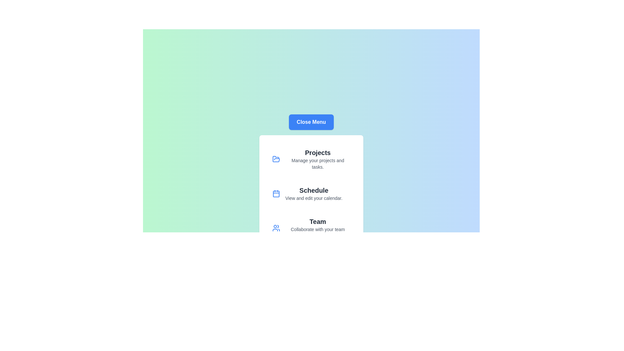 The height and width of the screenshot is (351, 624). What do you see at coordinates (276, 159) in the screenshot?
I see `the icon corresponding to Projects` at bounding box center [276, 159].